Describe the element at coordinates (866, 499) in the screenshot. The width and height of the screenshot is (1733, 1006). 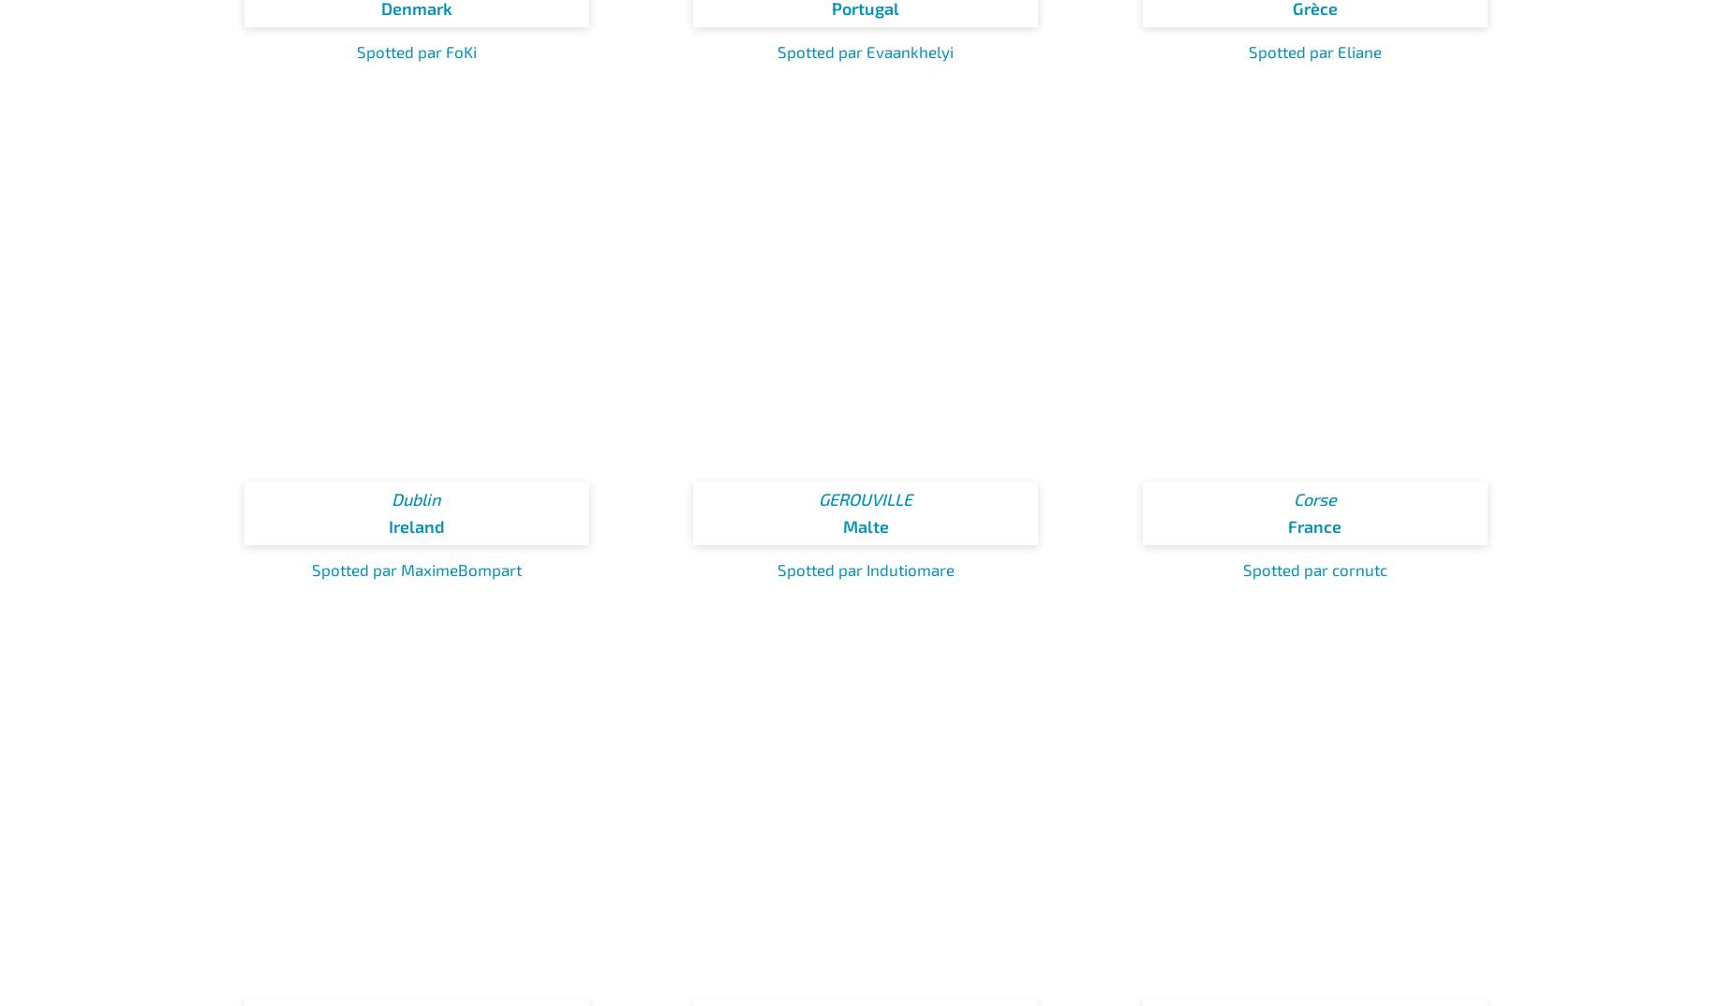
I see `'GEROUVILLE'` at that location.